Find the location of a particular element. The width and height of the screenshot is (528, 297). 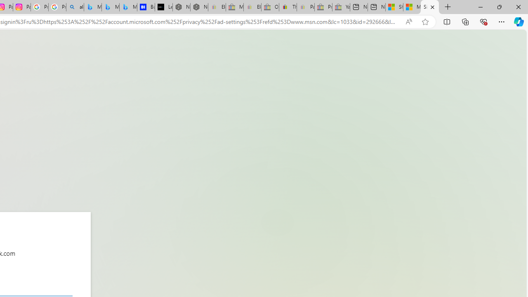

'Threats and offensive language policy | eBay' is located at coordinates (288, 7).